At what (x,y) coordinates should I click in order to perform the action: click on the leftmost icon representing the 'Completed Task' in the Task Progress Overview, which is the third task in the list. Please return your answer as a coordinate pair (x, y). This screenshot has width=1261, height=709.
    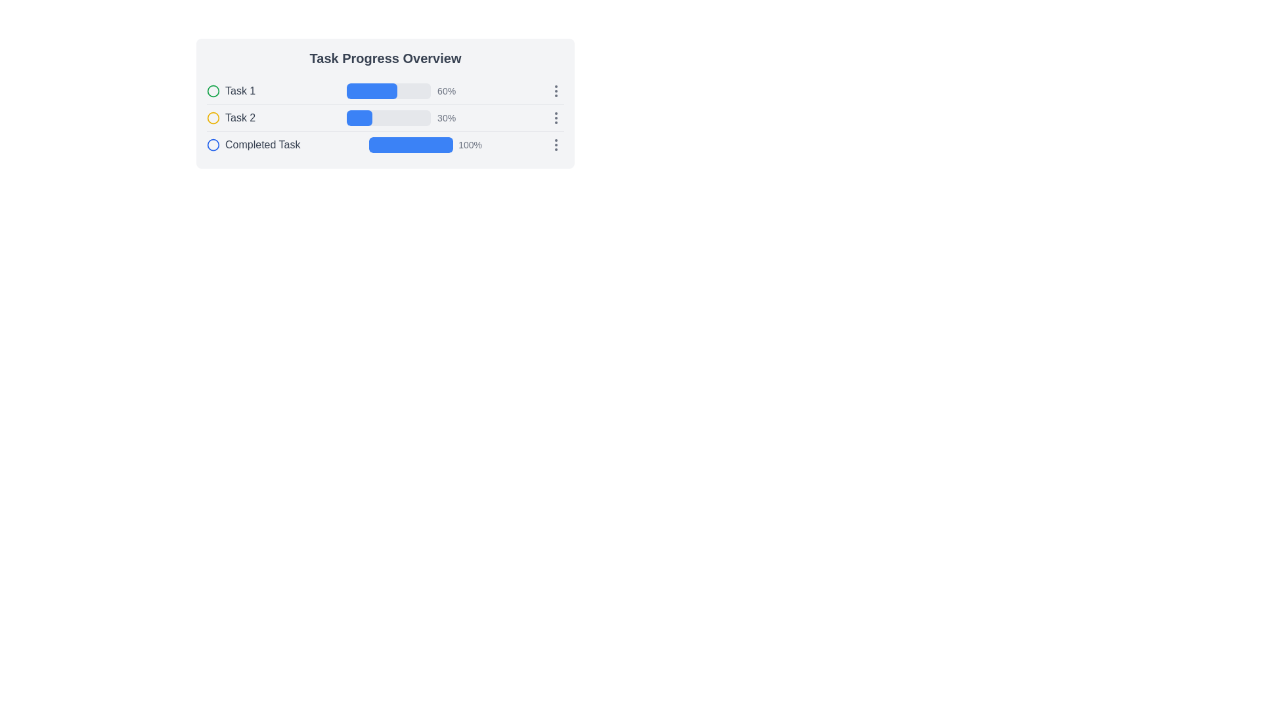
    Looking at the image, I should click on (213, 144).